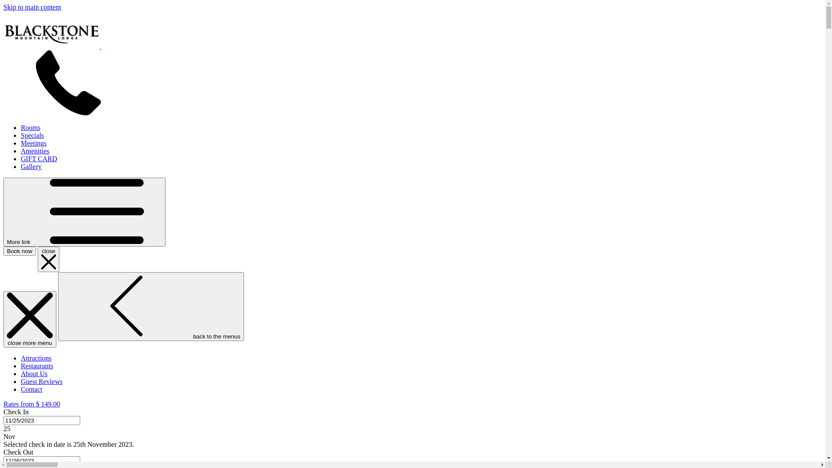 The width and height of the screenshot is (832, 468). Describe the element at coordinates (21, 135) in the screenshot. I see `'Specials'` at that location.